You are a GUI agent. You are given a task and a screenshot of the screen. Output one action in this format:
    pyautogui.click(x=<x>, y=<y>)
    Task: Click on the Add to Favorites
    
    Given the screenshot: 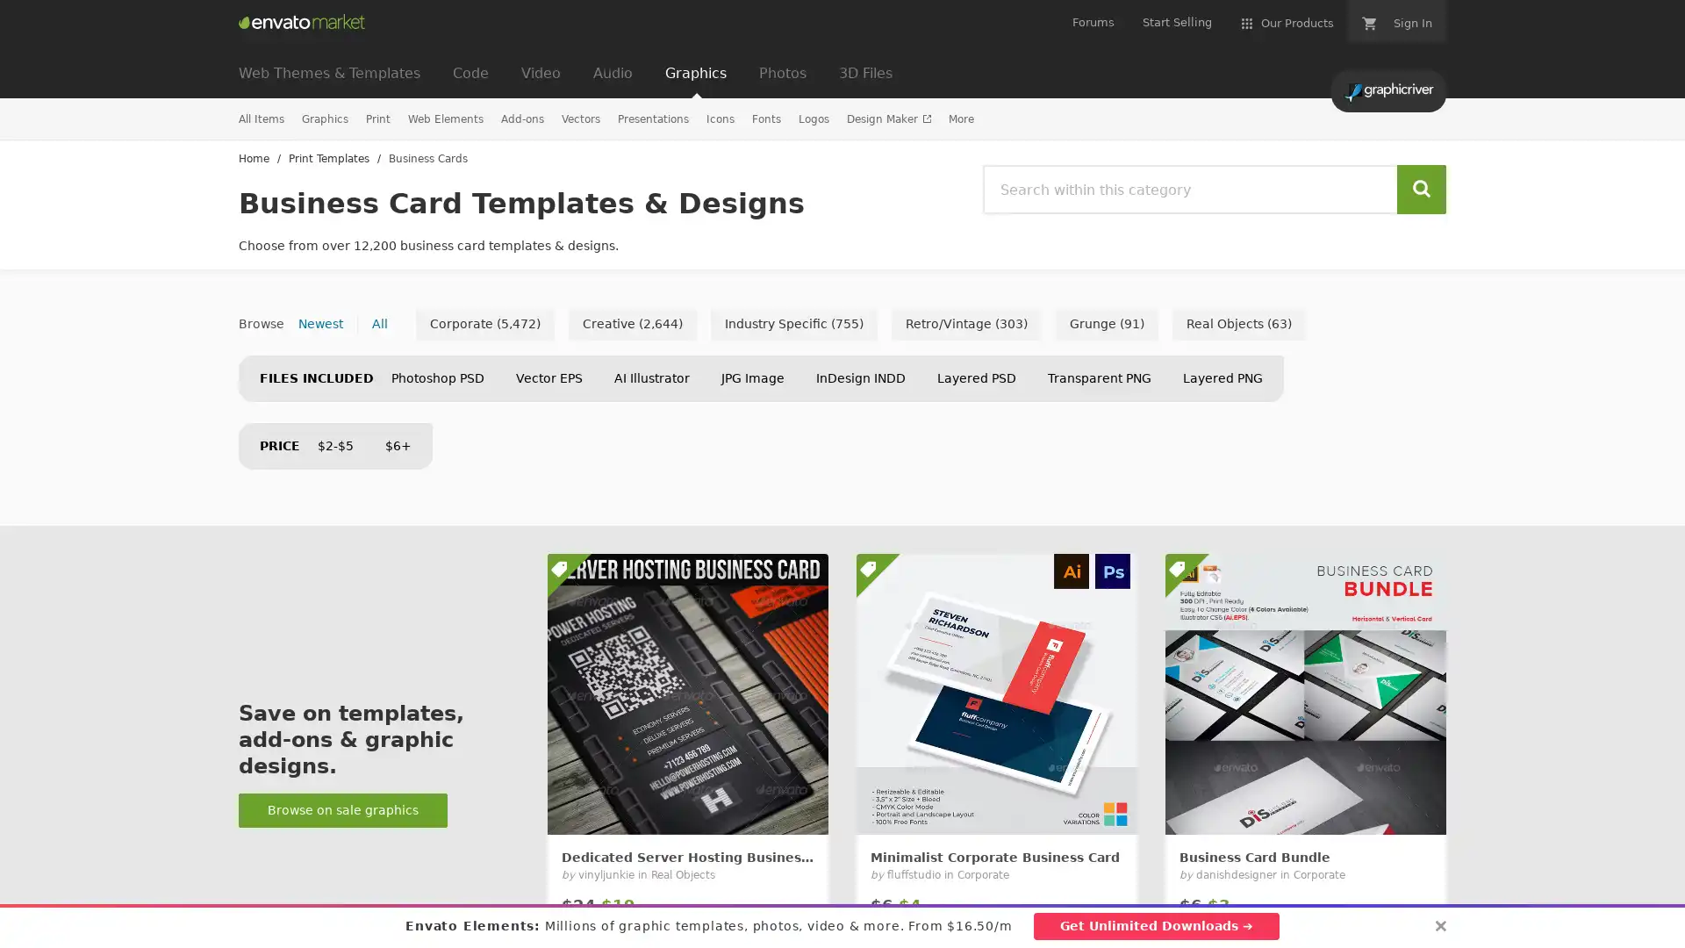 What is the action you would take?
    pyautogui.click(x=1423, y=809)
    